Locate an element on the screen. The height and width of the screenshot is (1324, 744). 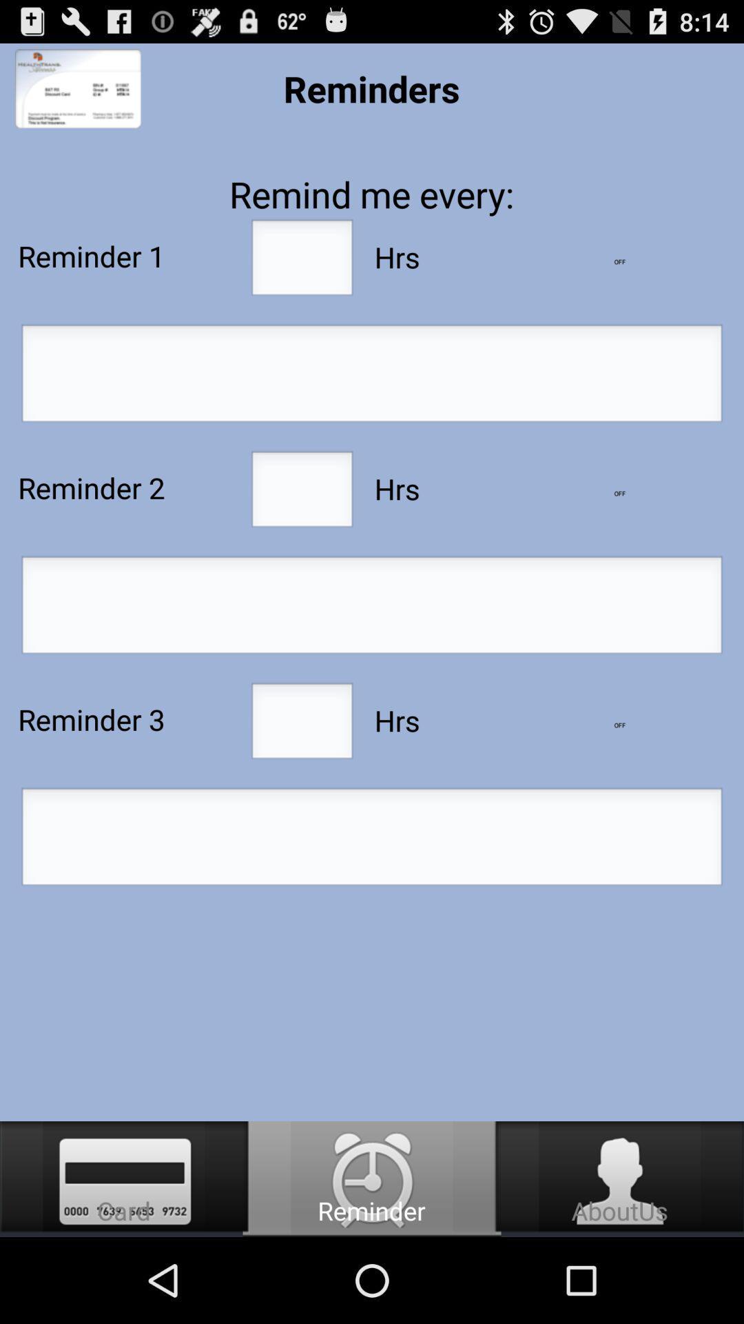
reminder 1 hour input field is located at coordinates (301, 261).